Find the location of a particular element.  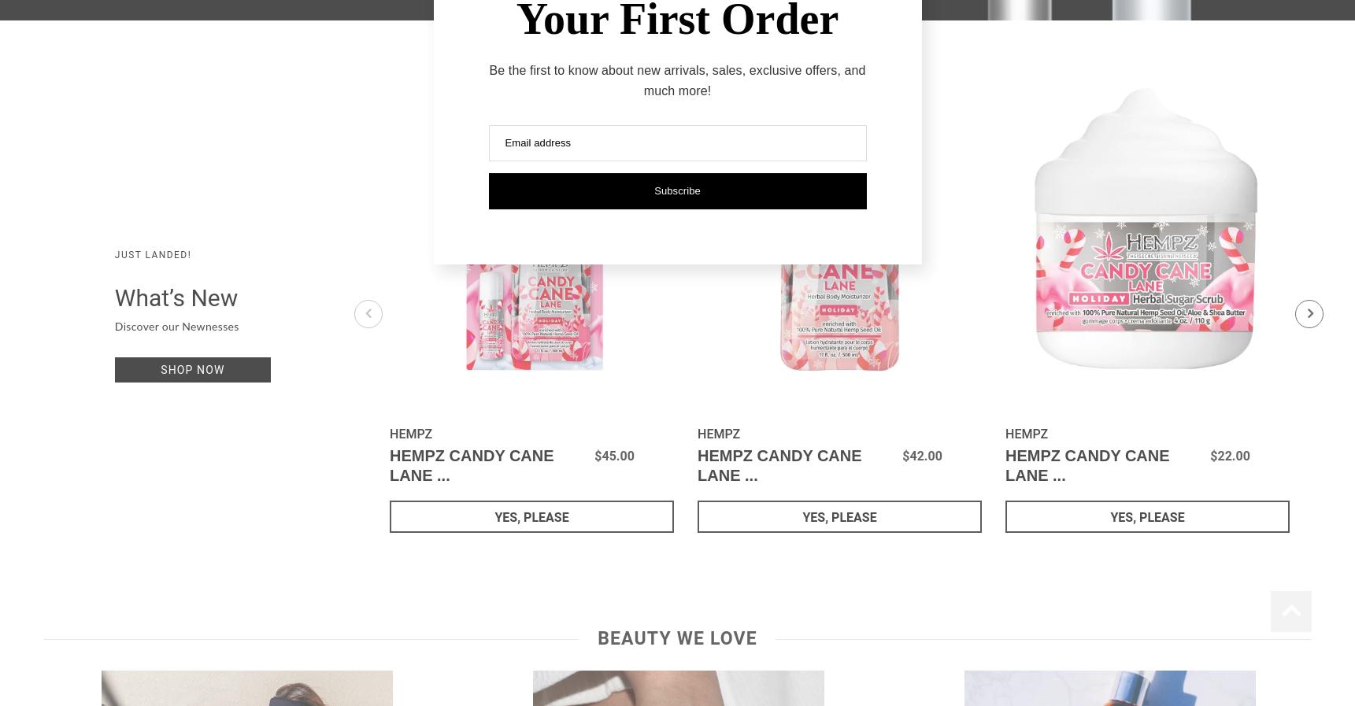

'$45.00' is located at coordinates (613, 456).